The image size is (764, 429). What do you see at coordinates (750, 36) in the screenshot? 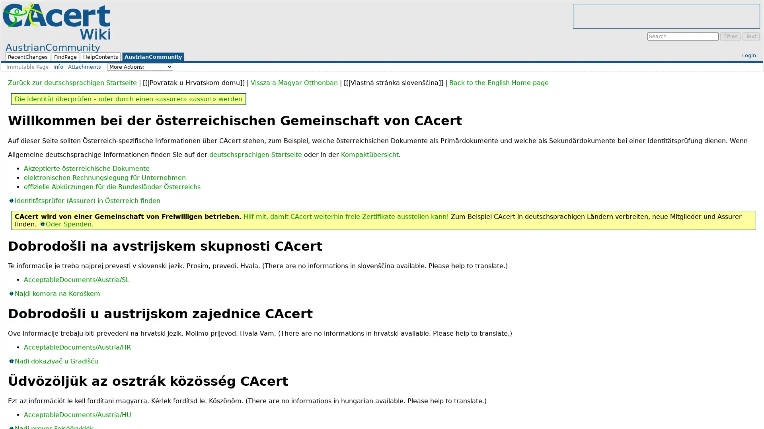
I see `Text` at bounding box center [750, 36].